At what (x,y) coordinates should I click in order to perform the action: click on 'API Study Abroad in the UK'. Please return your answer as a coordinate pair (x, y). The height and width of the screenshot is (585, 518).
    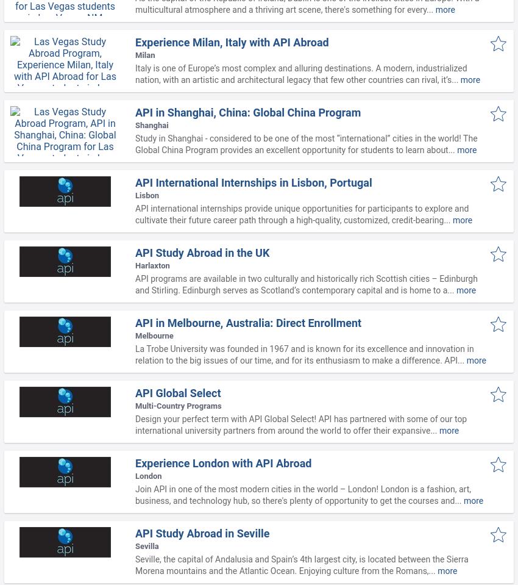
    Looking at the image, I should click on (202, 252).